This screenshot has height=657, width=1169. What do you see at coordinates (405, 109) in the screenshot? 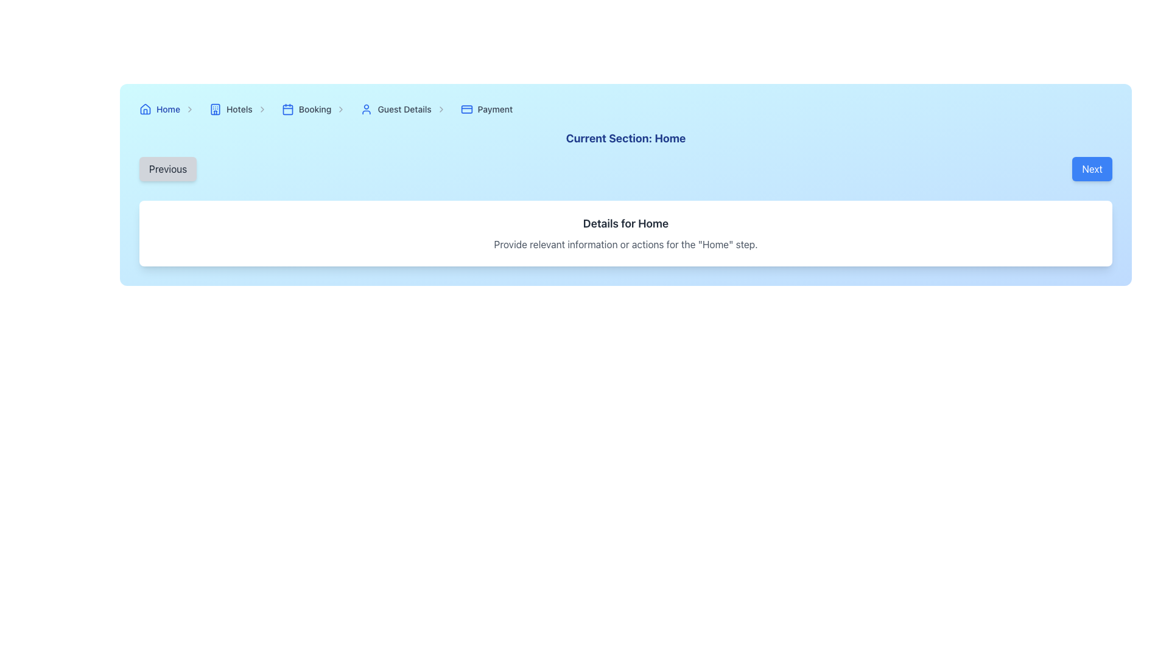
I see `the 'Guest Details' breadcrumb navigation link` at bounding box center [405, 109].